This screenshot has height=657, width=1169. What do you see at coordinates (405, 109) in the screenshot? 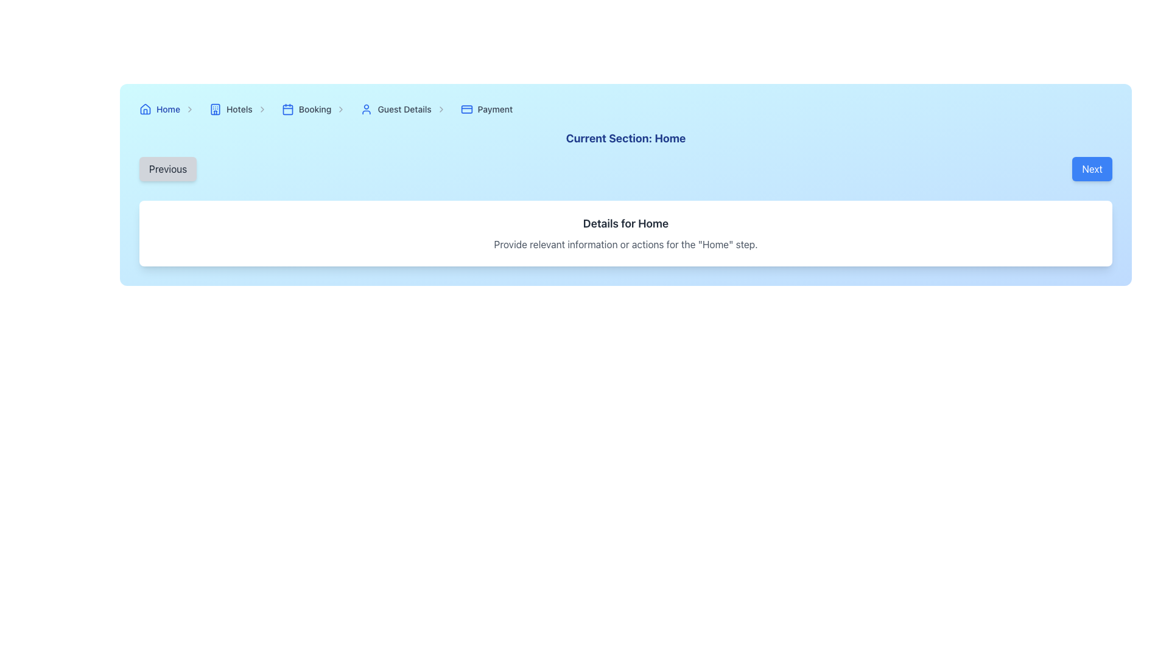
I see `the 'Guest Details' breadcrumb navigation link` at bounding box center [405, 109].